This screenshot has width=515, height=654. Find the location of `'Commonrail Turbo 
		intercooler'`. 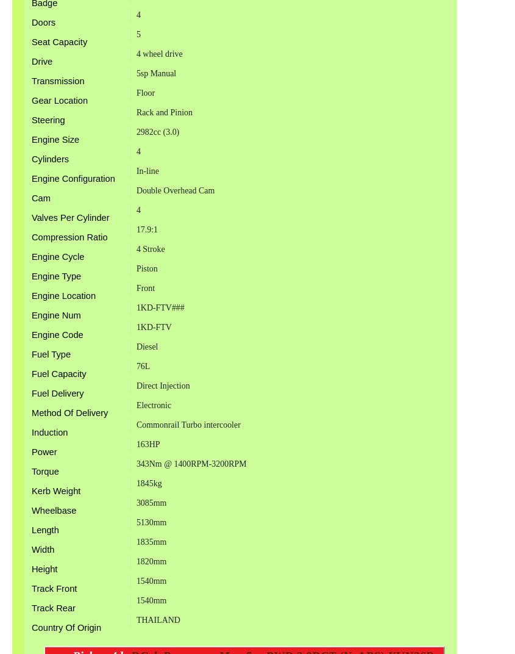

'Commonrail Turbo 
		intercooler' is located at coordinates (188, 423).